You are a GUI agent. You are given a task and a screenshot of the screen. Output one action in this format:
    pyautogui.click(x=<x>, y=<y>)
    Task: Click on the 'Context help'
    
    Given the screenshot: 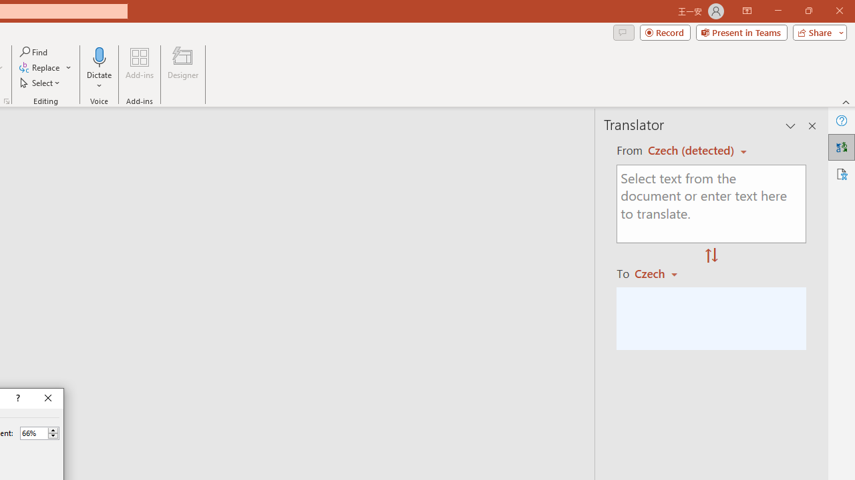 What is the action you would take?
    pyautogui.click(x=17, y=397)
    